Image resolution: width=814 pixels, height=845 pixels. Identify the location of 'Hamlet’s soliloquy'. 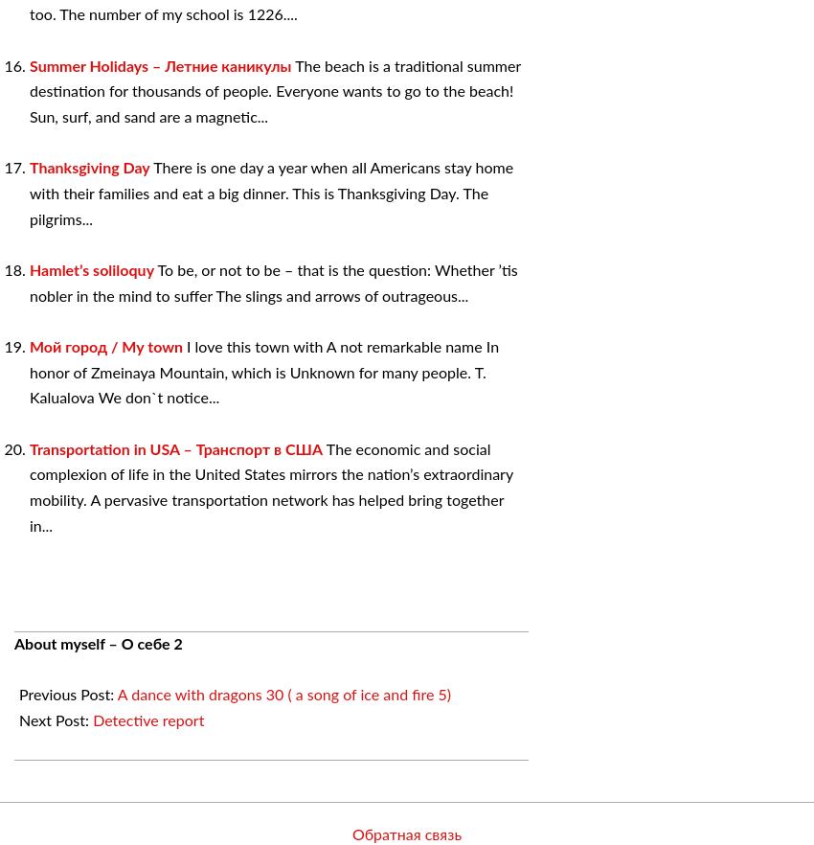
(92, 269).